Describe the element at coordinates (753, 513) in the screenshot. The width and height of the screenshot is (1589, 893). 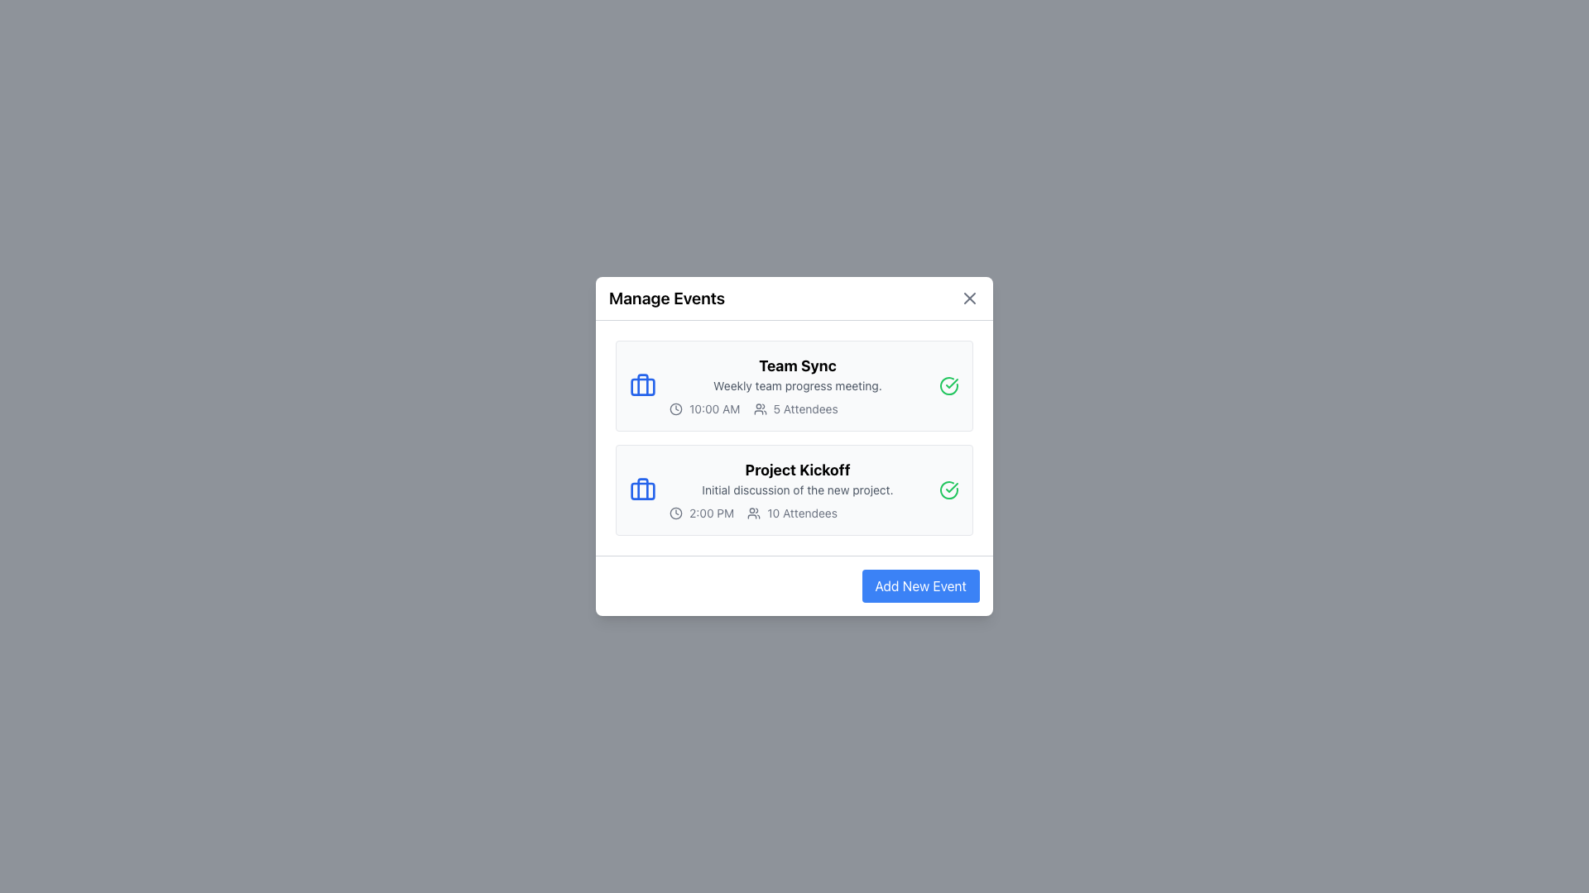
I see `the icon indicating the attendees of the event, which is positioned to the right of the '2:00 PM' text and before '10 Attendees'` at that location.